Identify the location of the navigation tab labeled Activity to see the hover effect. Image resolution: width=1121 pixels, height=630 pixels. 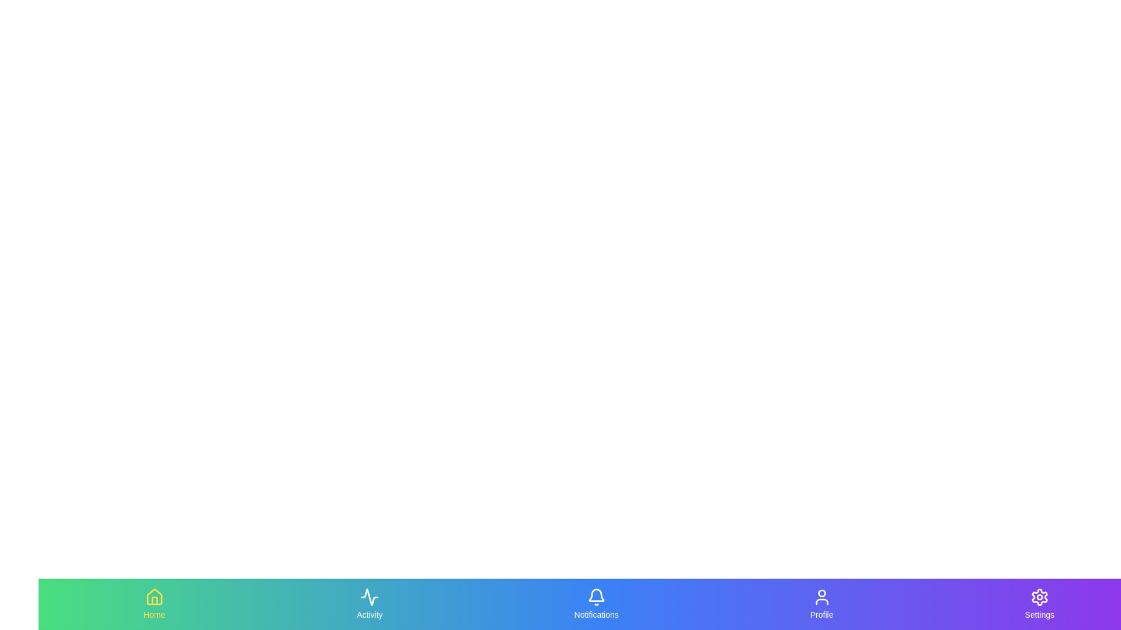
(369, 604).